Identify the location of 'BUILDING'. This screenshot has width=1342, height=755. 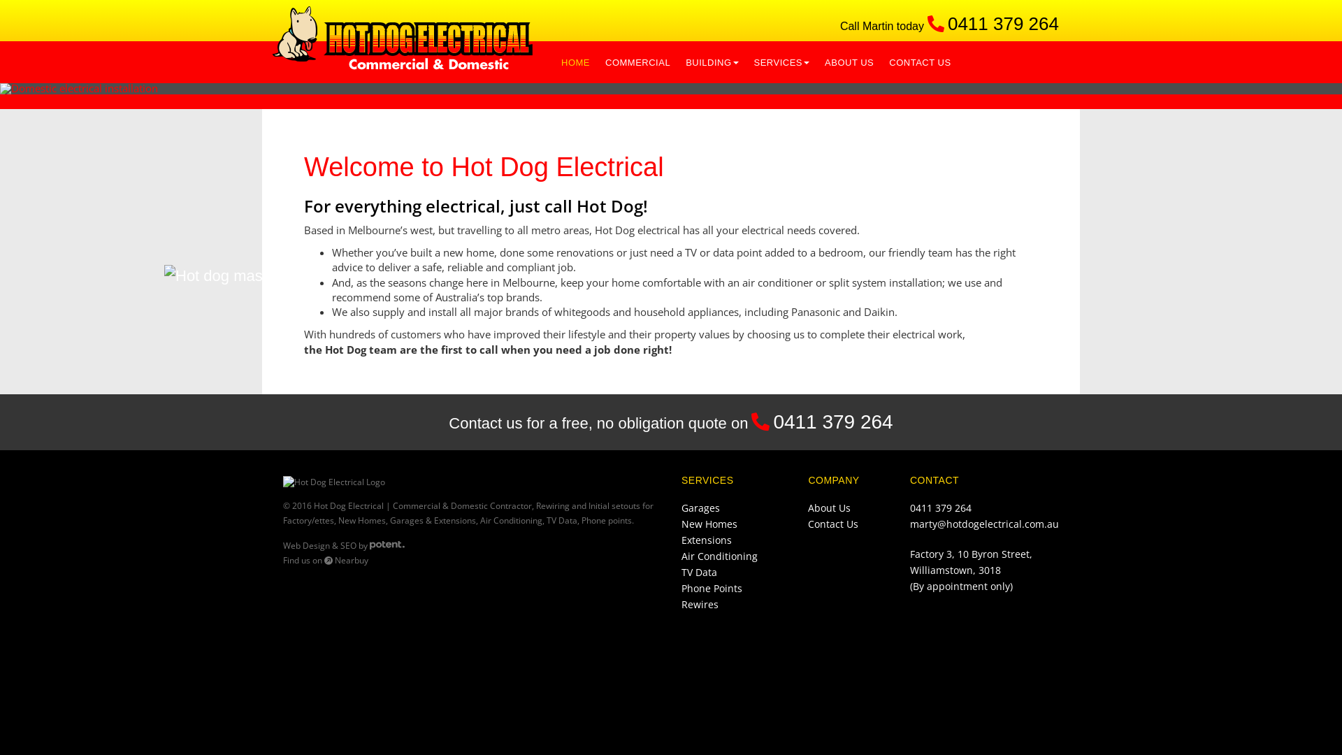
(712, 61).